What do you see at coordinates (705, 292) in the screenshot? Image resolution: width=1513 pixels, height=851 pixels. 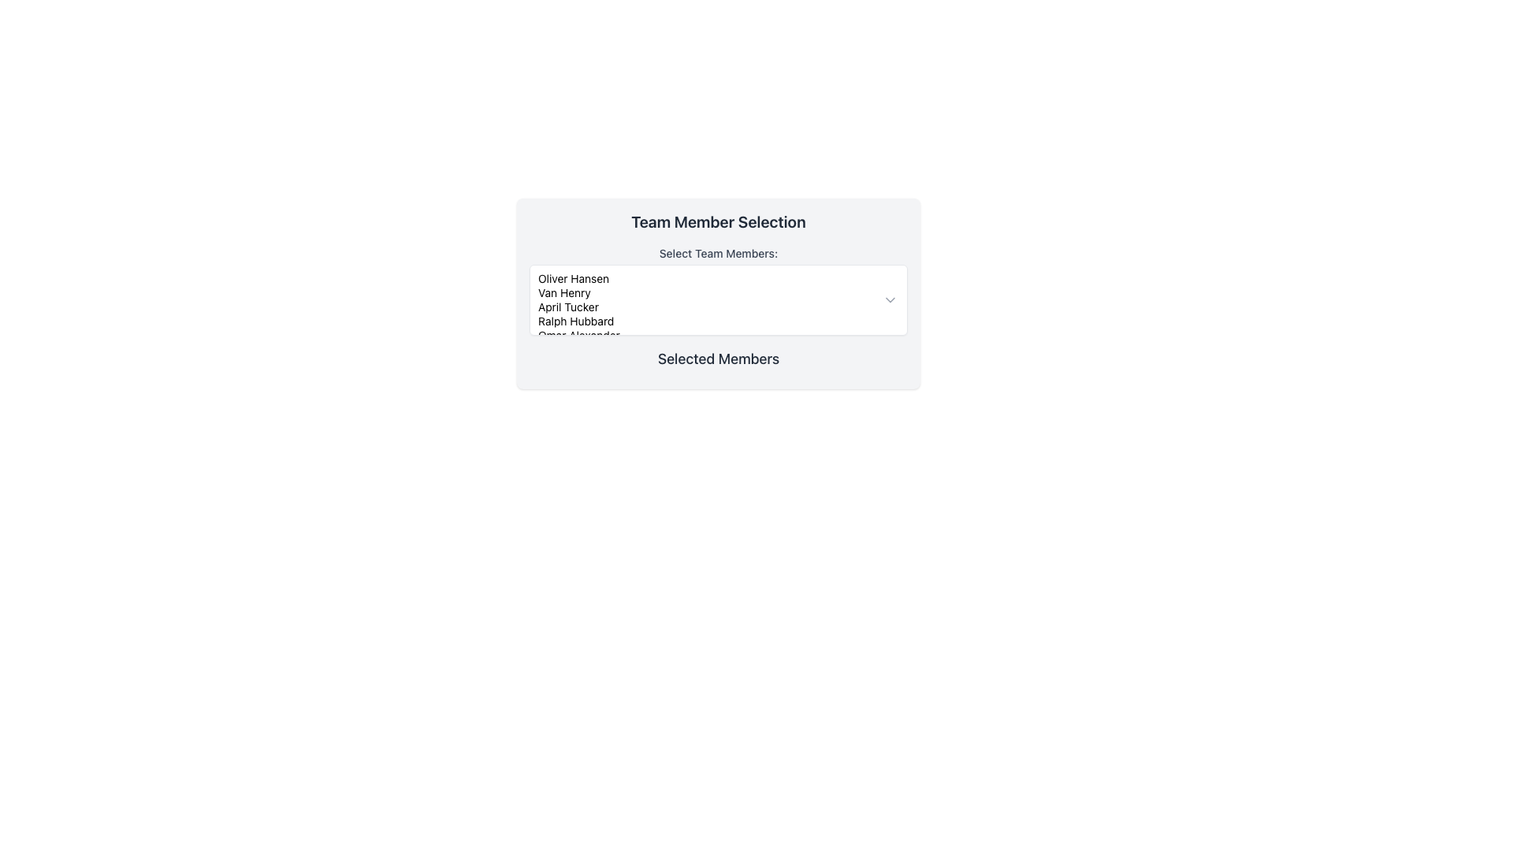 I see `the 'Van Henry' option in the dropdown menu` at bounding box center [705, 292].